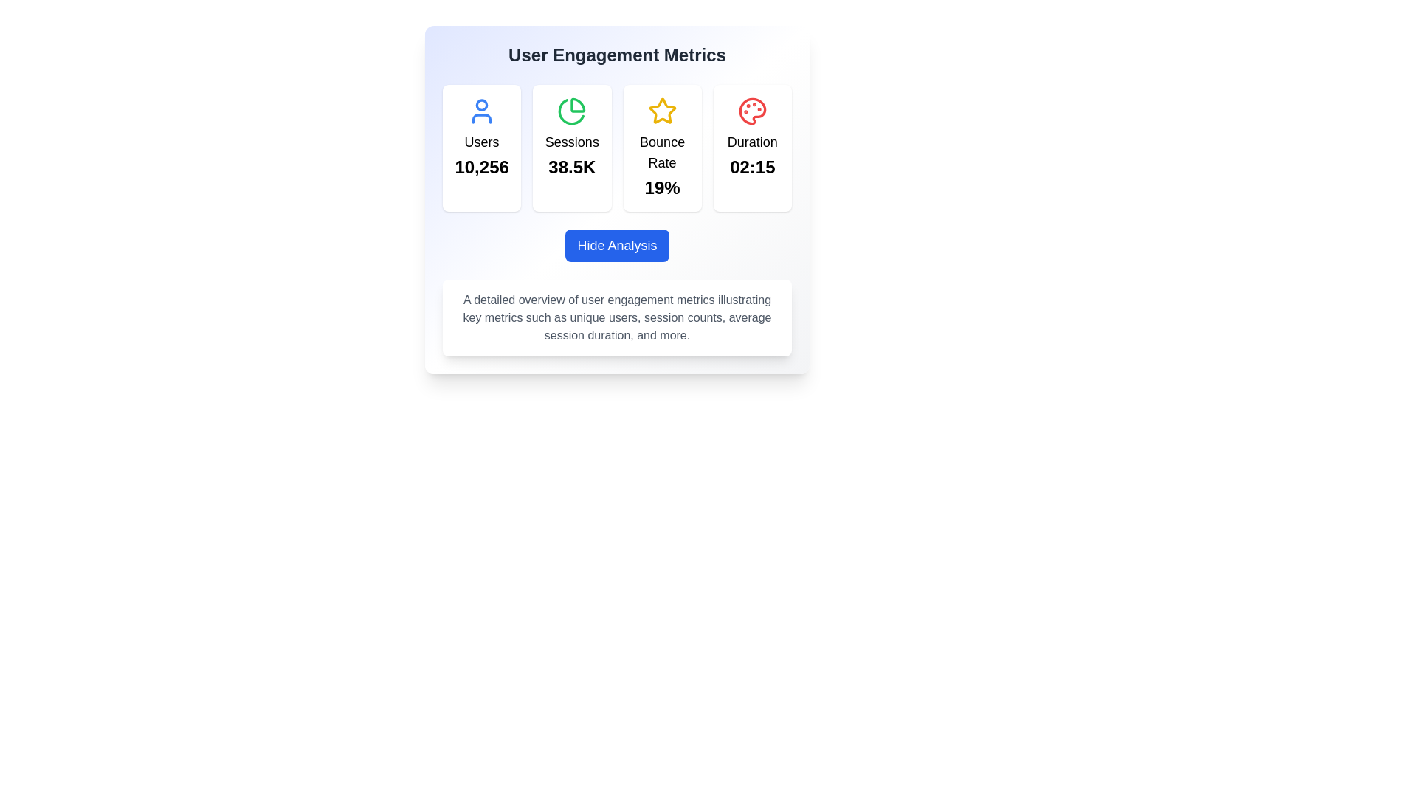 This screenshot has height=797, width=1417. I want to click on the 'Bounce Rate' metric card, which is the third card in a sequence of four cards, located between the 'Sessions' card and the 'Duration' card, so click(661, 148).